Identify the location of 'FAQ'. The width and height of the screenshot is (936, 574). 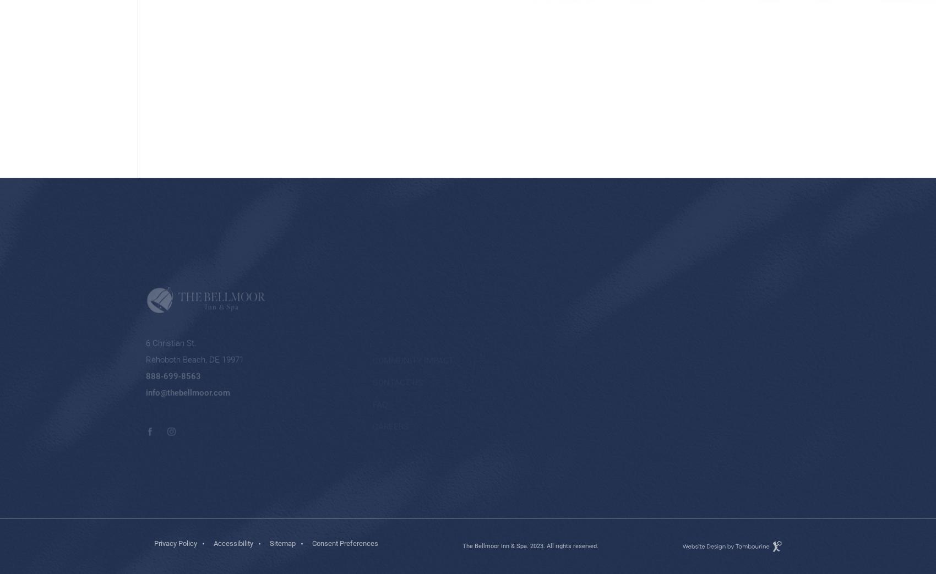
(379, 351).